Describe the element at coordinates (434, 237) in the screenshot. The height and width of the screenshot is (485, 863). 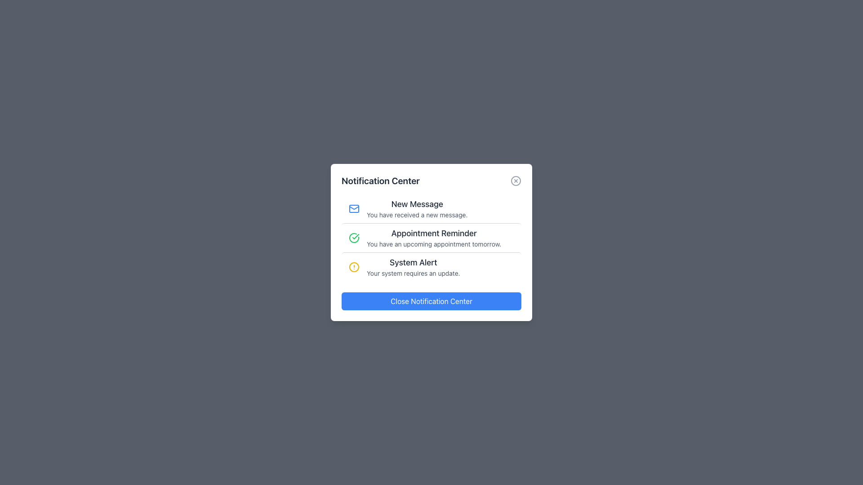
I see `the second notification in the Notification Center, which serves as a reminder for an upcoming appointment scheduled for tomorrow` at that location.